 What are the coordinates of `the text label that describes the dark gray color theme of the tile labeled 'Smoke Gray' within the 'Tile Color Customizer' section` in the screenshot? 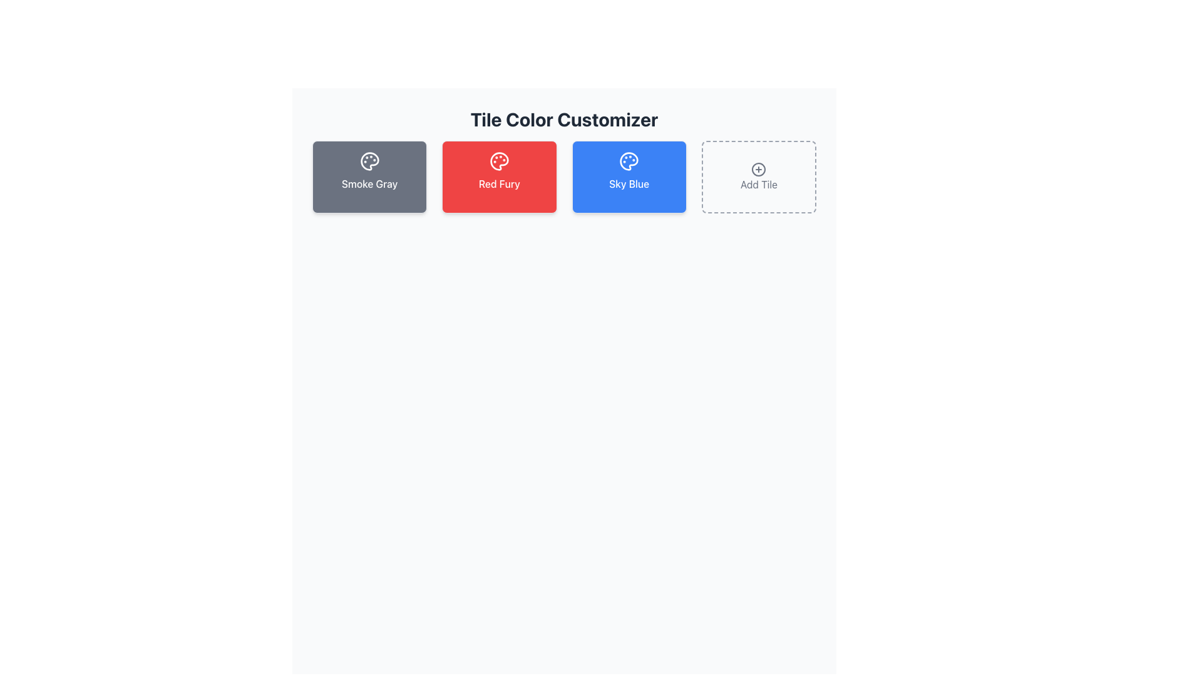 It's located at (369, 183).